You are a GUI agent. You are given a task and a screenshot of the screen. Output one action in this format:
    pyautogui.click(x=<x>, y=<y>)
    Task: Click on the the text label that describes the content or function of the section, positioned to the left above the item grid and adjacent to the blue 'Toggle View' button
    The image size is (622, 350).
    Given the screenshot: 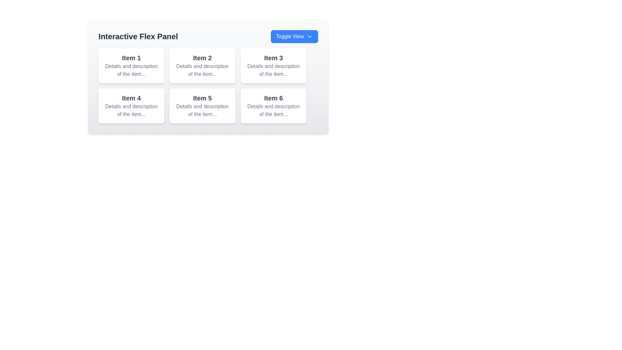 What is the action you would take?
    pyautogui.click(x=138, y=36)
    